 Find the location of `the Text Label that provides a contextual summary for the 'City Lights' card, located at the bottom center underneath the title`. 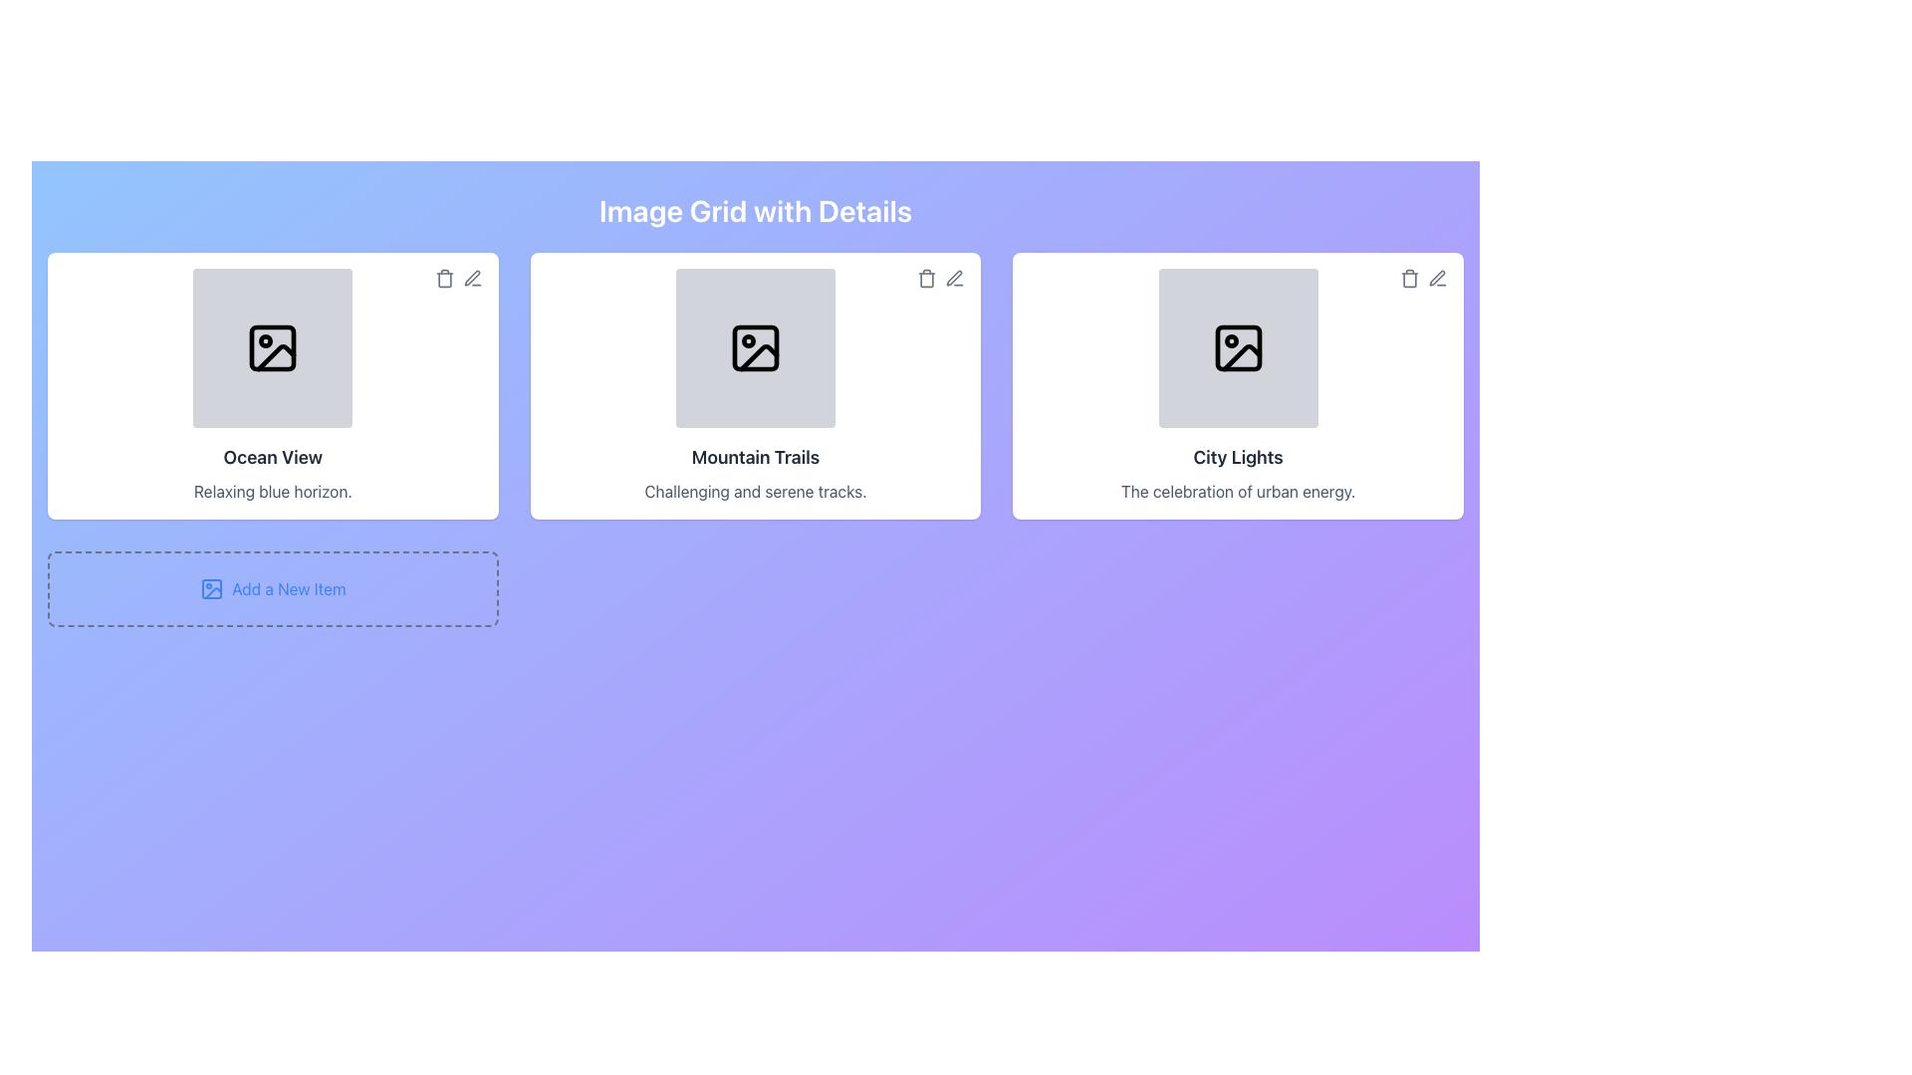

the Text Label that provides a contextual summary for the 'City Lights' card, located at the bottom center underneath the title is located at coordinates (1237, 491).